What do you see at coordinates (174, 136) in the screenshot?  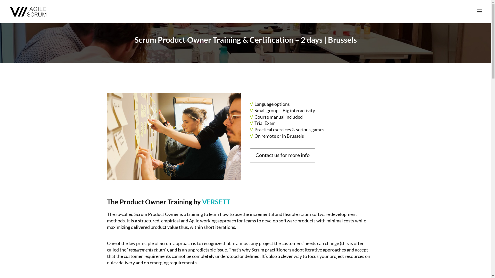 I see `'IMG_20230307_193358 (1)'` at bounding box center [174, 136].